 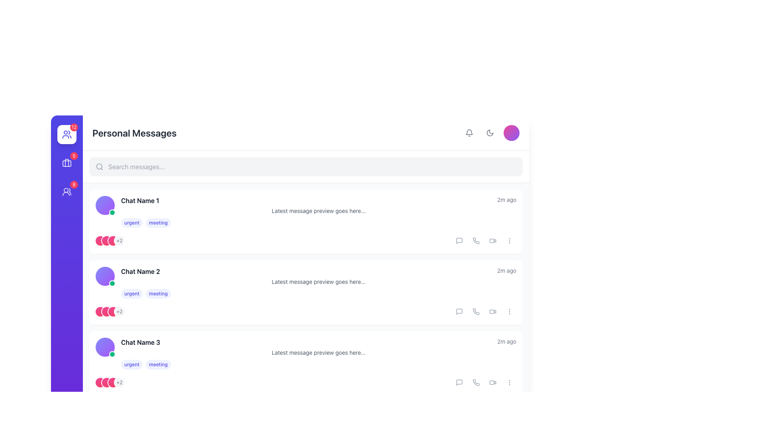 What do you see at coordinates (459, 311) in the screenshot?
I see `the speech bubble icon on the right side of the third row` at bounding box center [459, 311].